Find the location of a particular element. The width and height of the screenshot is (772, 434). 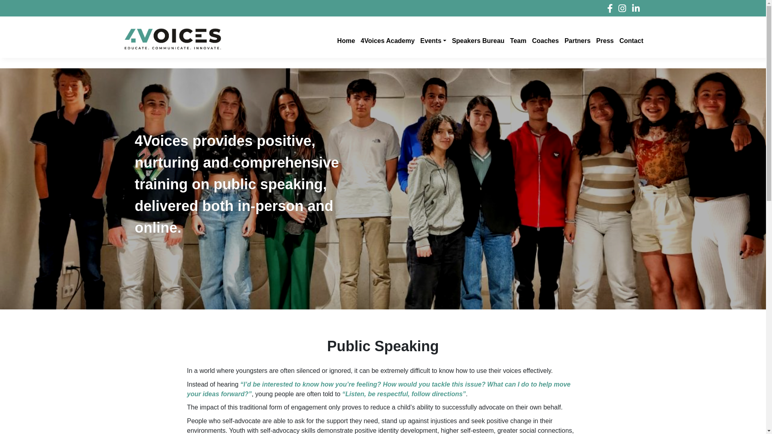

'Home' is located at coordinates (345, 39).